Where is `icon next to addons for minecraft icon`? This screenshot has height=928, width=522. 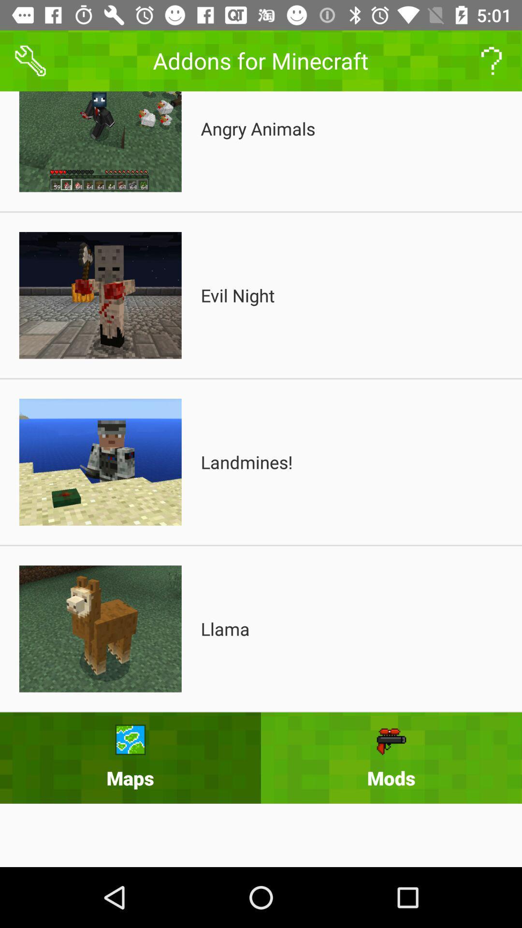
icon next to addons for minecraft icon is located at coordinates (492, 60).